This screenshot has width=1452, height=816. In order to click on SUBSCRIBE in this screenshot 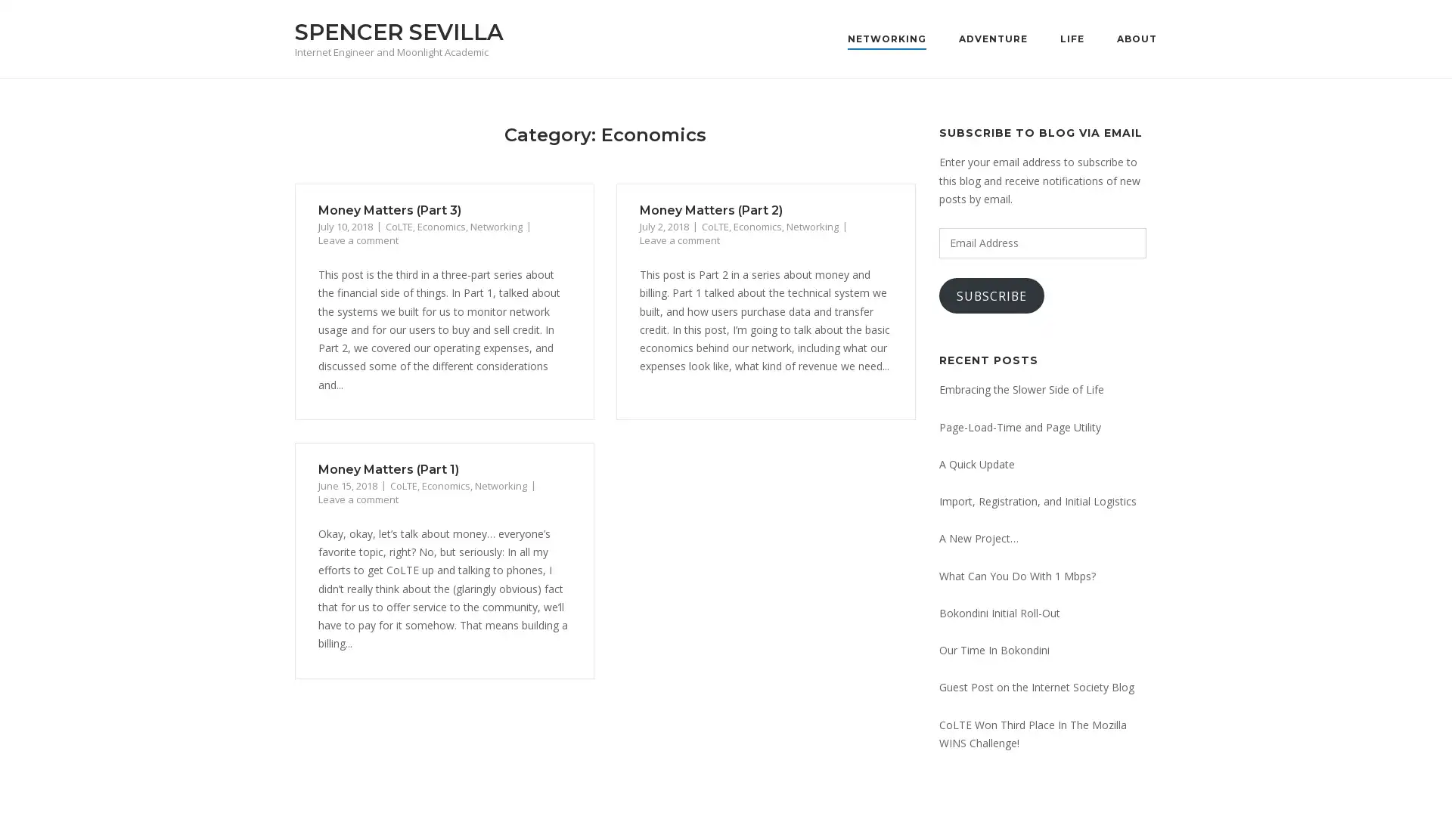, I will do `click(991, 295)`.